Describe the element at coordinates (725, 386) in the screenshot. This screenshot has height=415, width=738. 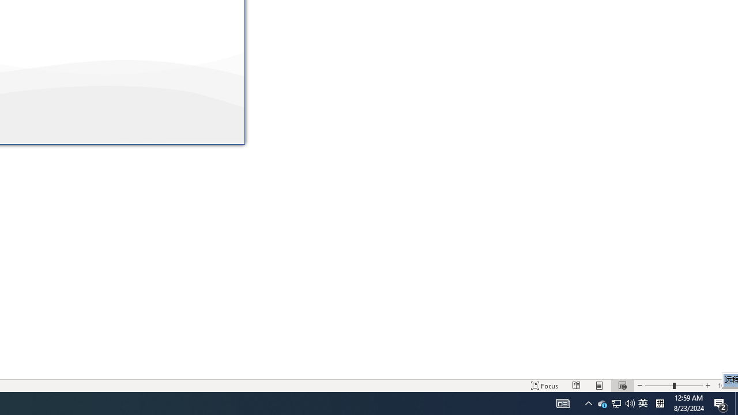
I see `'Zoom 100%'` at that location.